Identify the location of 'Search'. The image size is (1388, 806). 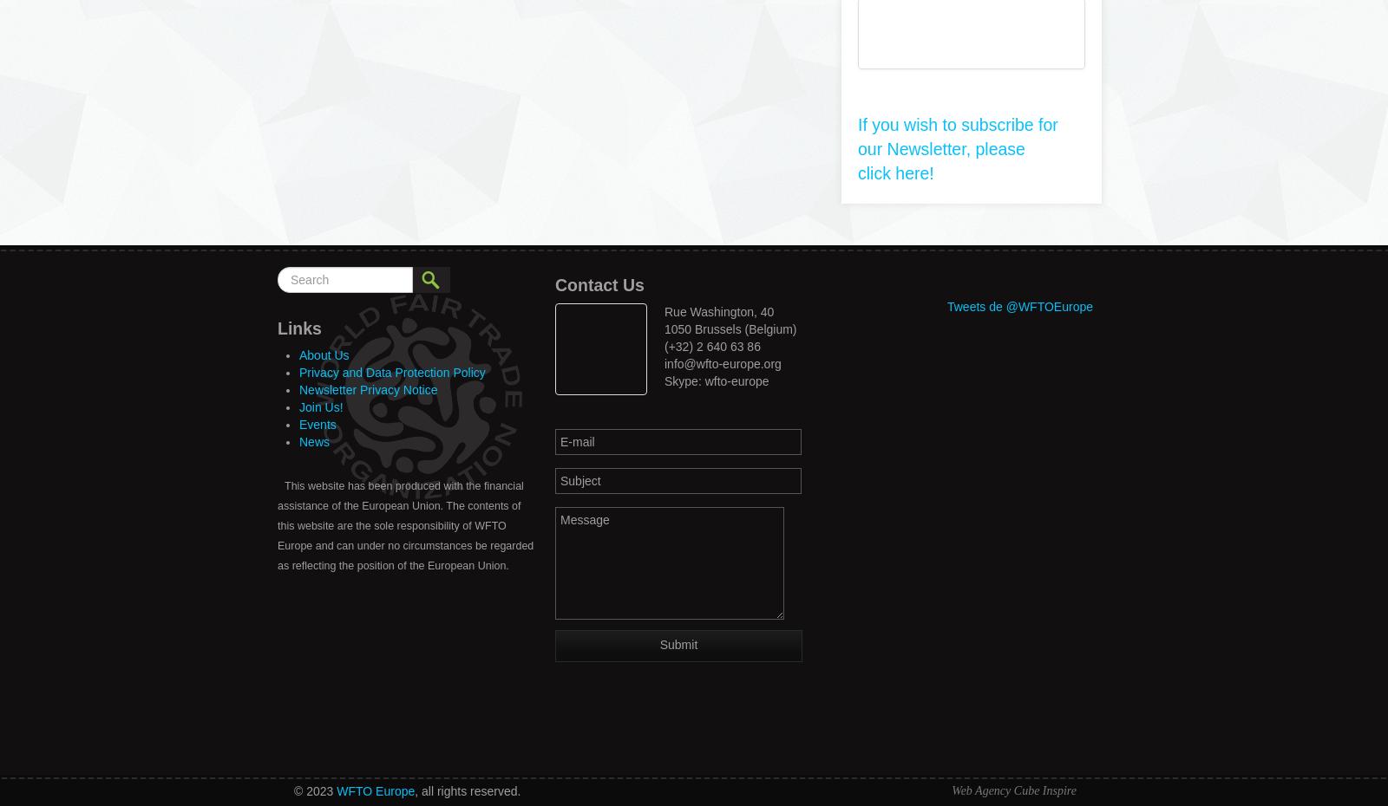
(296, 274).